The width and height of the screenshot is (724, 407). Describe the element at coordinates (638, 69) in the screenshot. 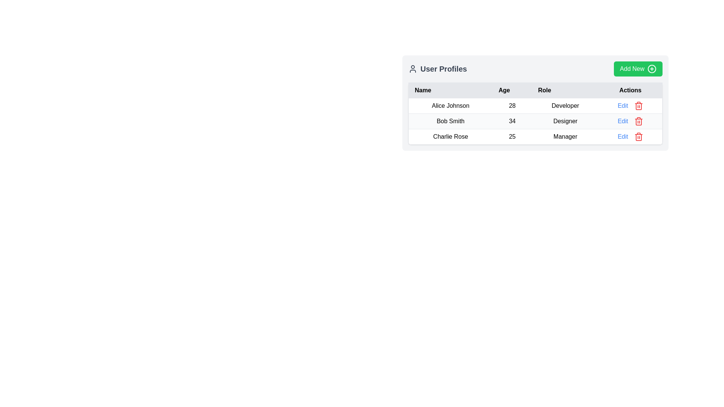

I see `the 'Add New' button located in the top-right corner of the 'User Profiles' section` at that location.